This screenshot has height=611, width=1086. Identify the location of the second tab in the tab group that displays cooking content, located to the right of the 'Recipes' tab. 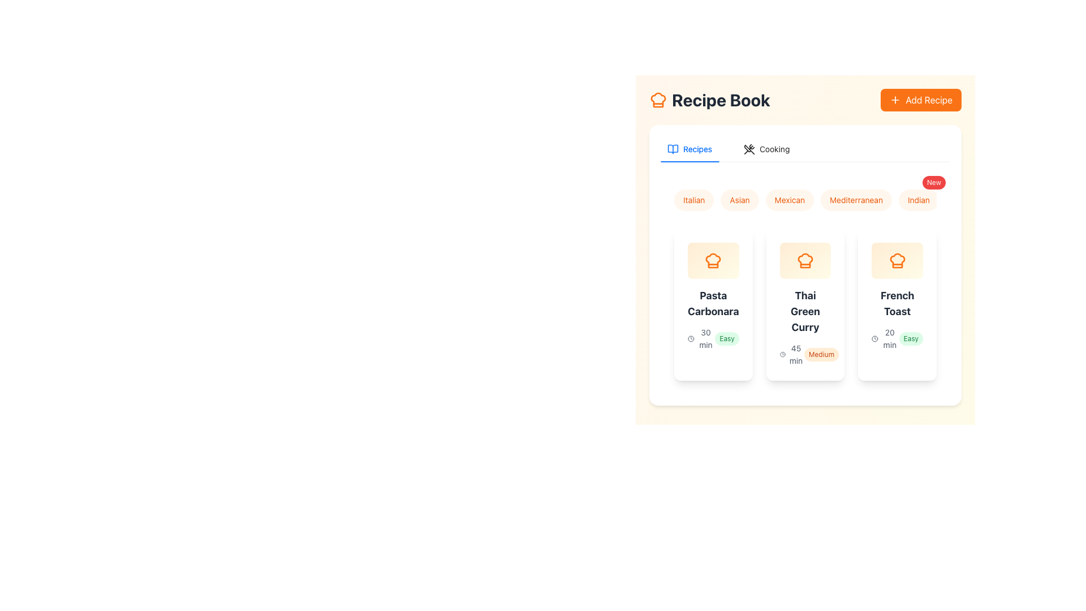
(766, 148).